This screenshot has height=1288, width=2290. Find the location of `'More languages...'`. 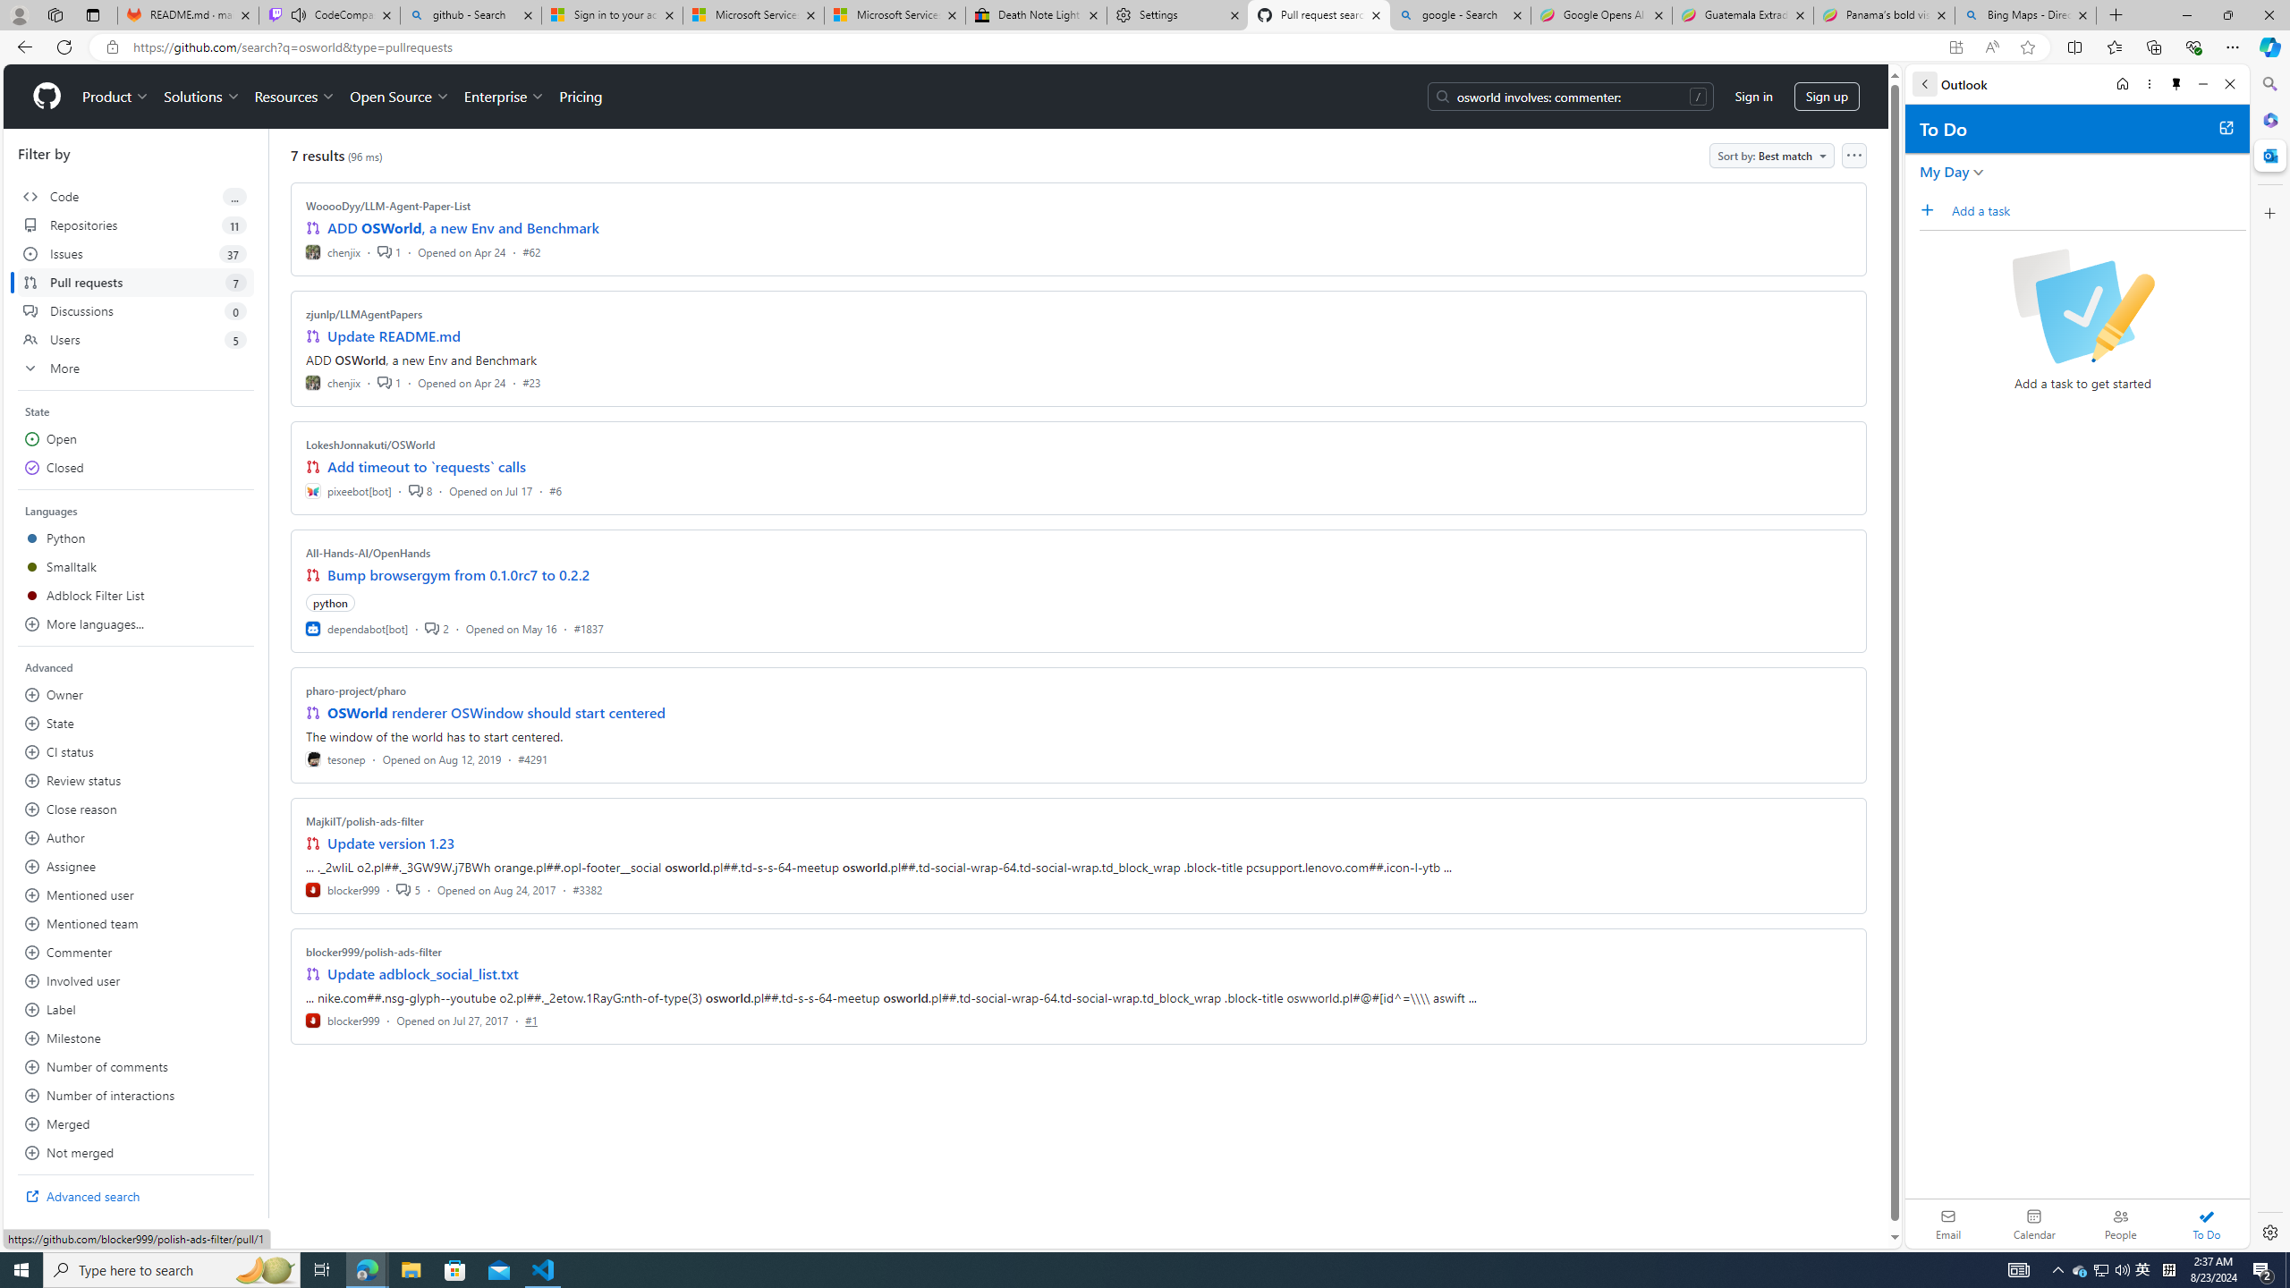

'More languages...' is located at coordinates (135, 623).